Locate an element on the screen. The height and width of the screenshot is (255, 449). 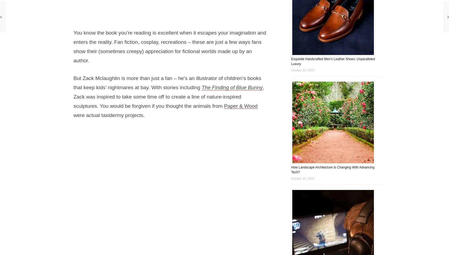
'October 19, 2023' is located at coordinates (303, 178).